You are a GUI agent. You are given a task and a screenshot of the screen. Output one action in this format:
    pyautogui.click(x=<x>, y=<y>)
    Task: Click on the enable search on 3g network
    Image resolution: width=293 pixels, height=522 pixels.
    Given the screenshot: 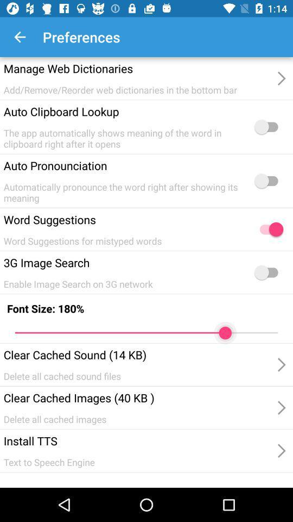 What is the action you would take?
    pyautogui.click(x=268, y=272)
    